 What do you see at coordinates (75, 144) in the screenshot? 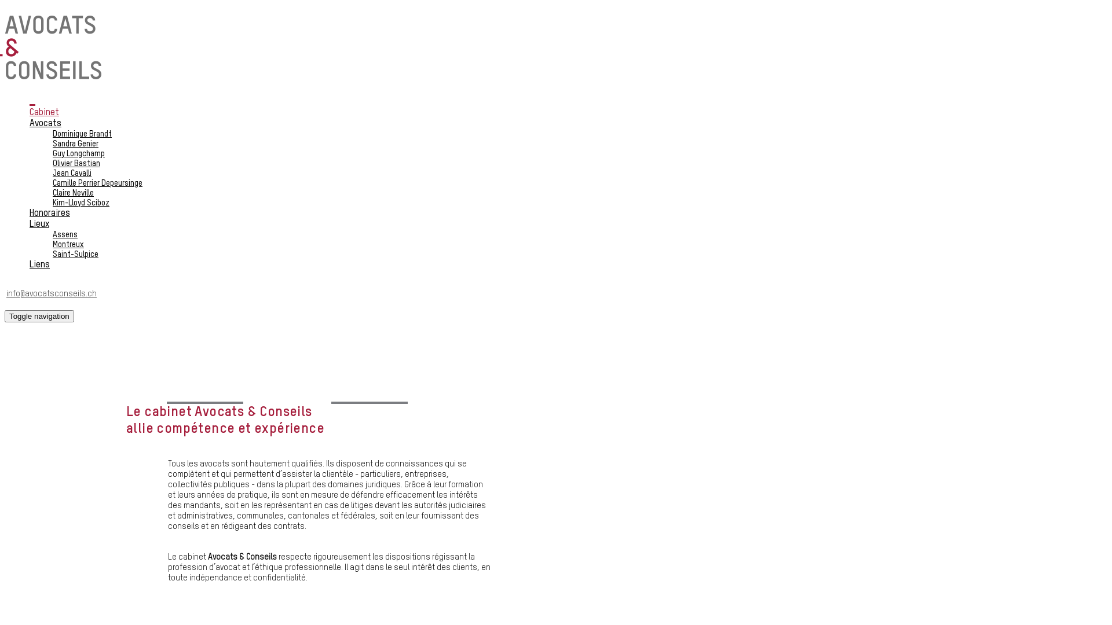
I see `'Sandra Genier'` at bounding box center [75, 144].